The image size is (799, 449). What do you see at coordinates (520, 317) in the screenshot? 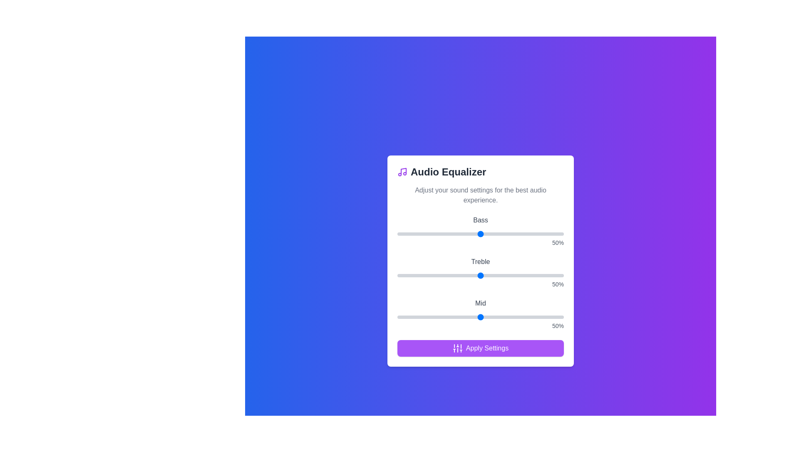
I see `the 'Mid' slider to 74%` at bounding box center [520, 317].